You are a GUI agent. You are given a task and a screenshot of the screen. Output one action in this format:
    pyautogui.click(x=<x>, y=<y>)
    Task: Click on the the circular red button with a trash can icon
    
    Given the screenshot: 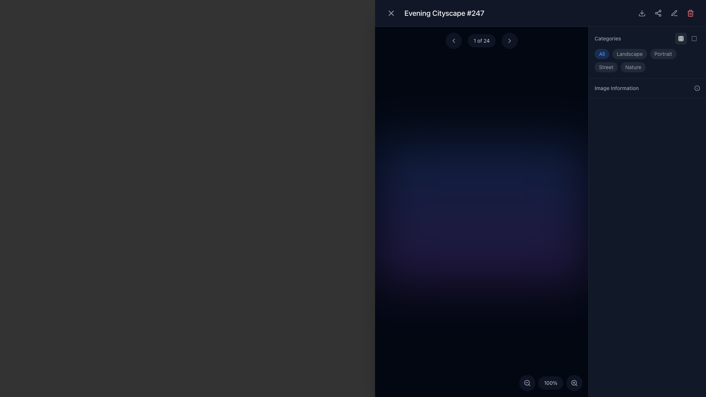 What is the action you would take?
    pyautogui.click(x=690, y=13)
    